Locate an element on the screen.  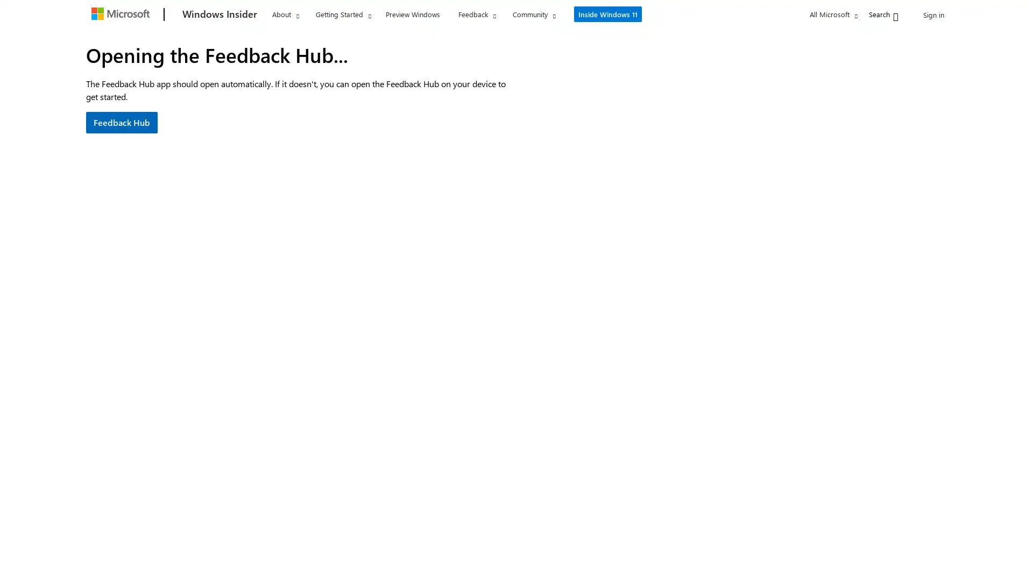
About is located at coordinates (285, 15).